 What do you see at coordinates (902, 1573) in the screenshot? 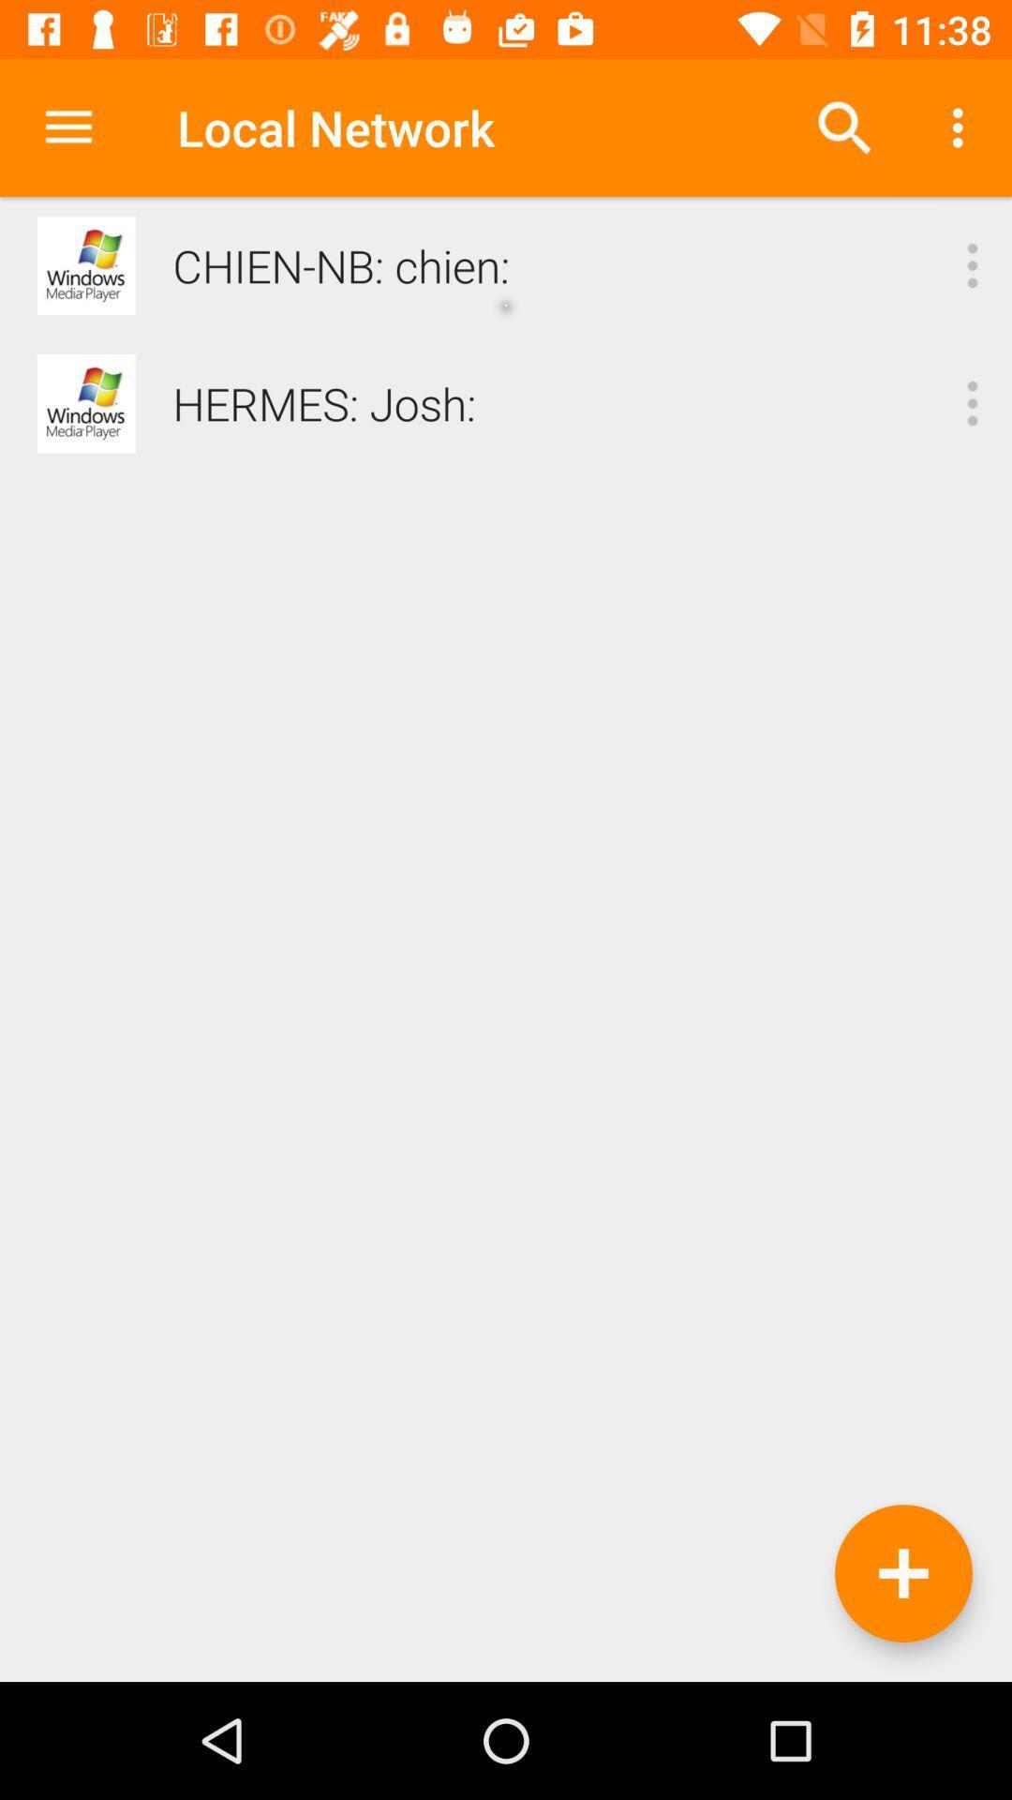
I see `adds local network` at bounding box center [902, 1573].